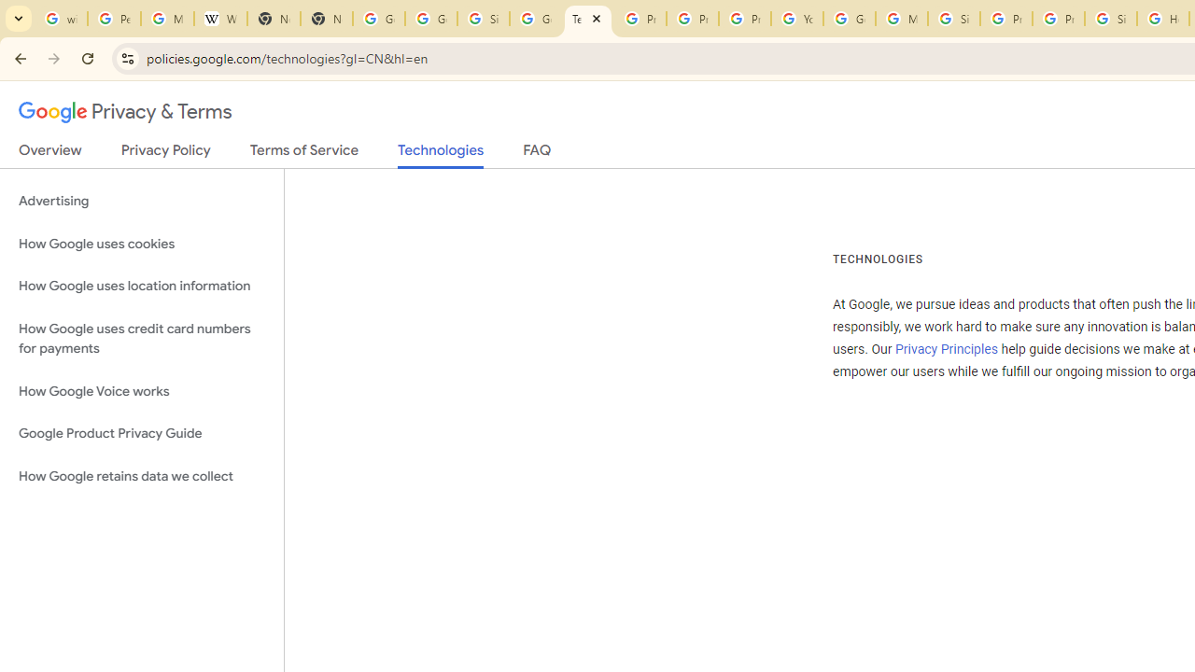  What do you see at coordinates (327, 19) in the screenshot?
I see `'New Tab'` at bounding box center [327, 19].